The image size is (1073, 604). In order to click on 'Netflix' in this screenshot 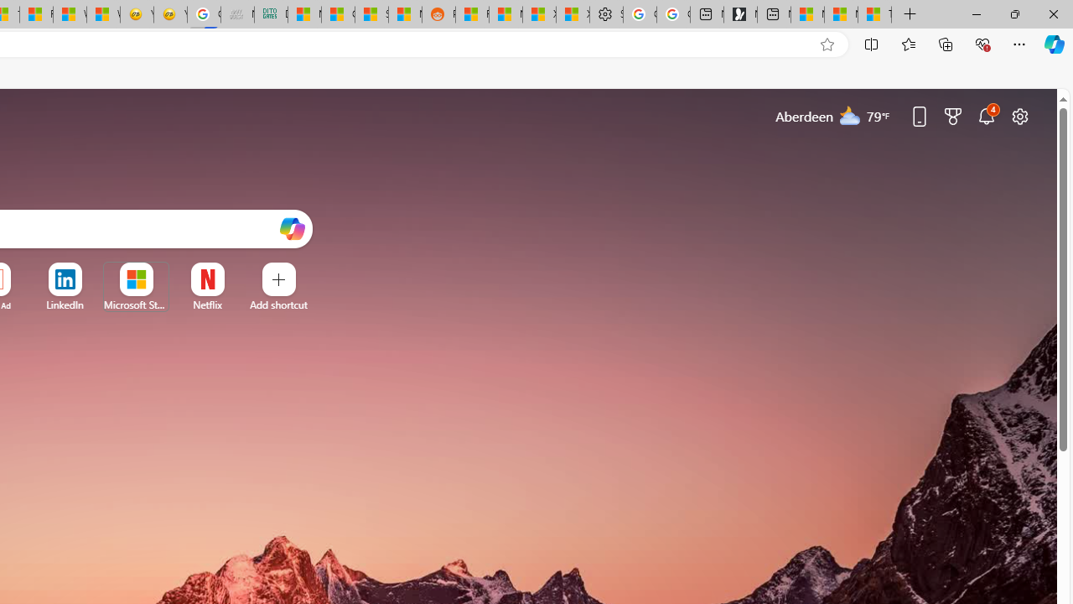, I will do `click(206, 305)`.